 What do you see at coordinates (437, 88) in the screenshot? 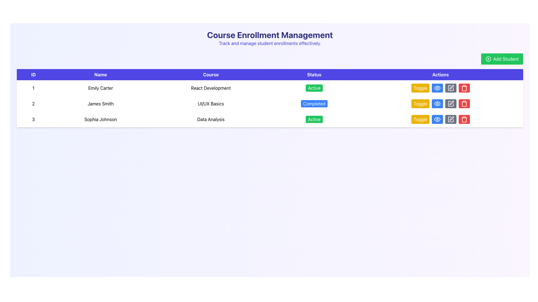
I see `the blue eye icon button located in the 'Actions' column of the 'James Smith' row` at bounding box center [437, 88].